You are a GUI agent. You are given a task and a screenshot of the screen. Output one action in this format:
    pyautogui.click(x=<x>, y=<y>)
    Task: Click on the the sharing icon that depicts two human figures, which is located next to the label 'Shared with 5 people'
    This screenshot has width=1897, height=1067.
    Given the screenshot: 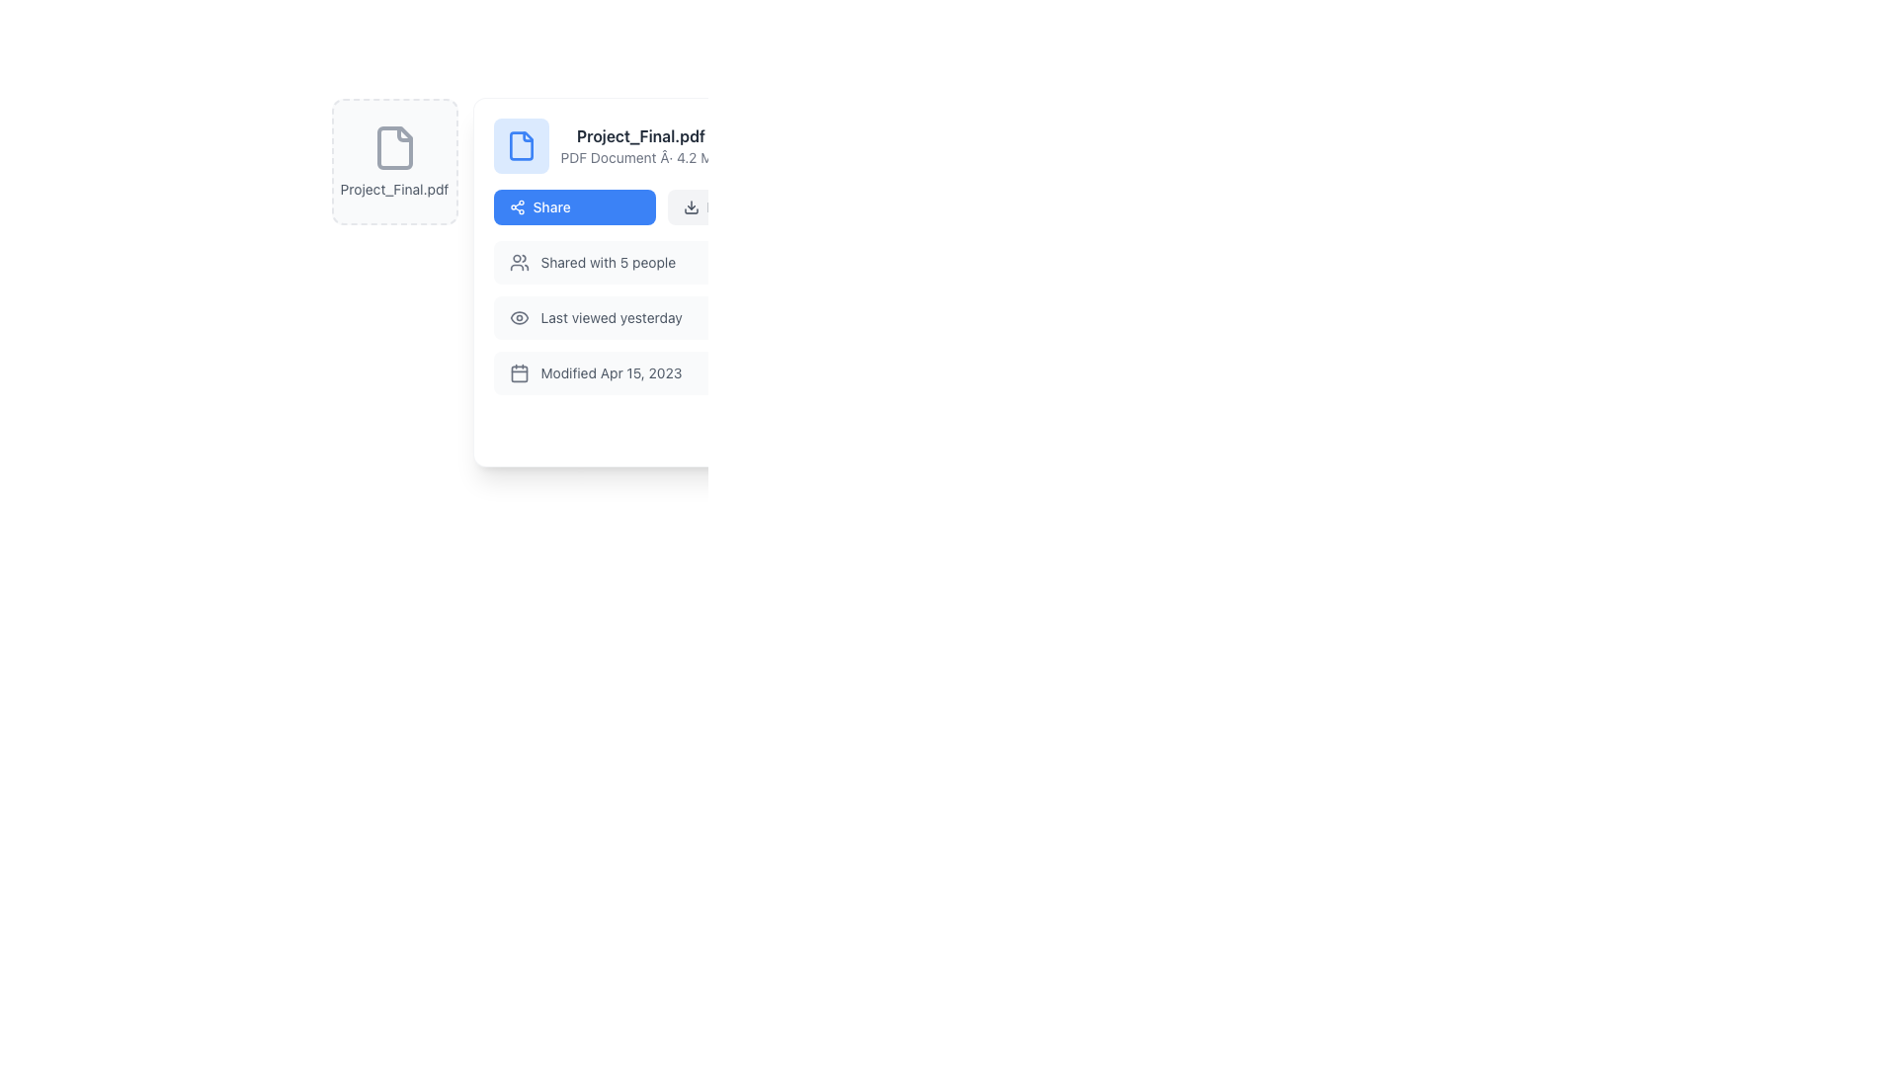 What is the action you would take?
    pyautogui.click(x=519, y=262)
    